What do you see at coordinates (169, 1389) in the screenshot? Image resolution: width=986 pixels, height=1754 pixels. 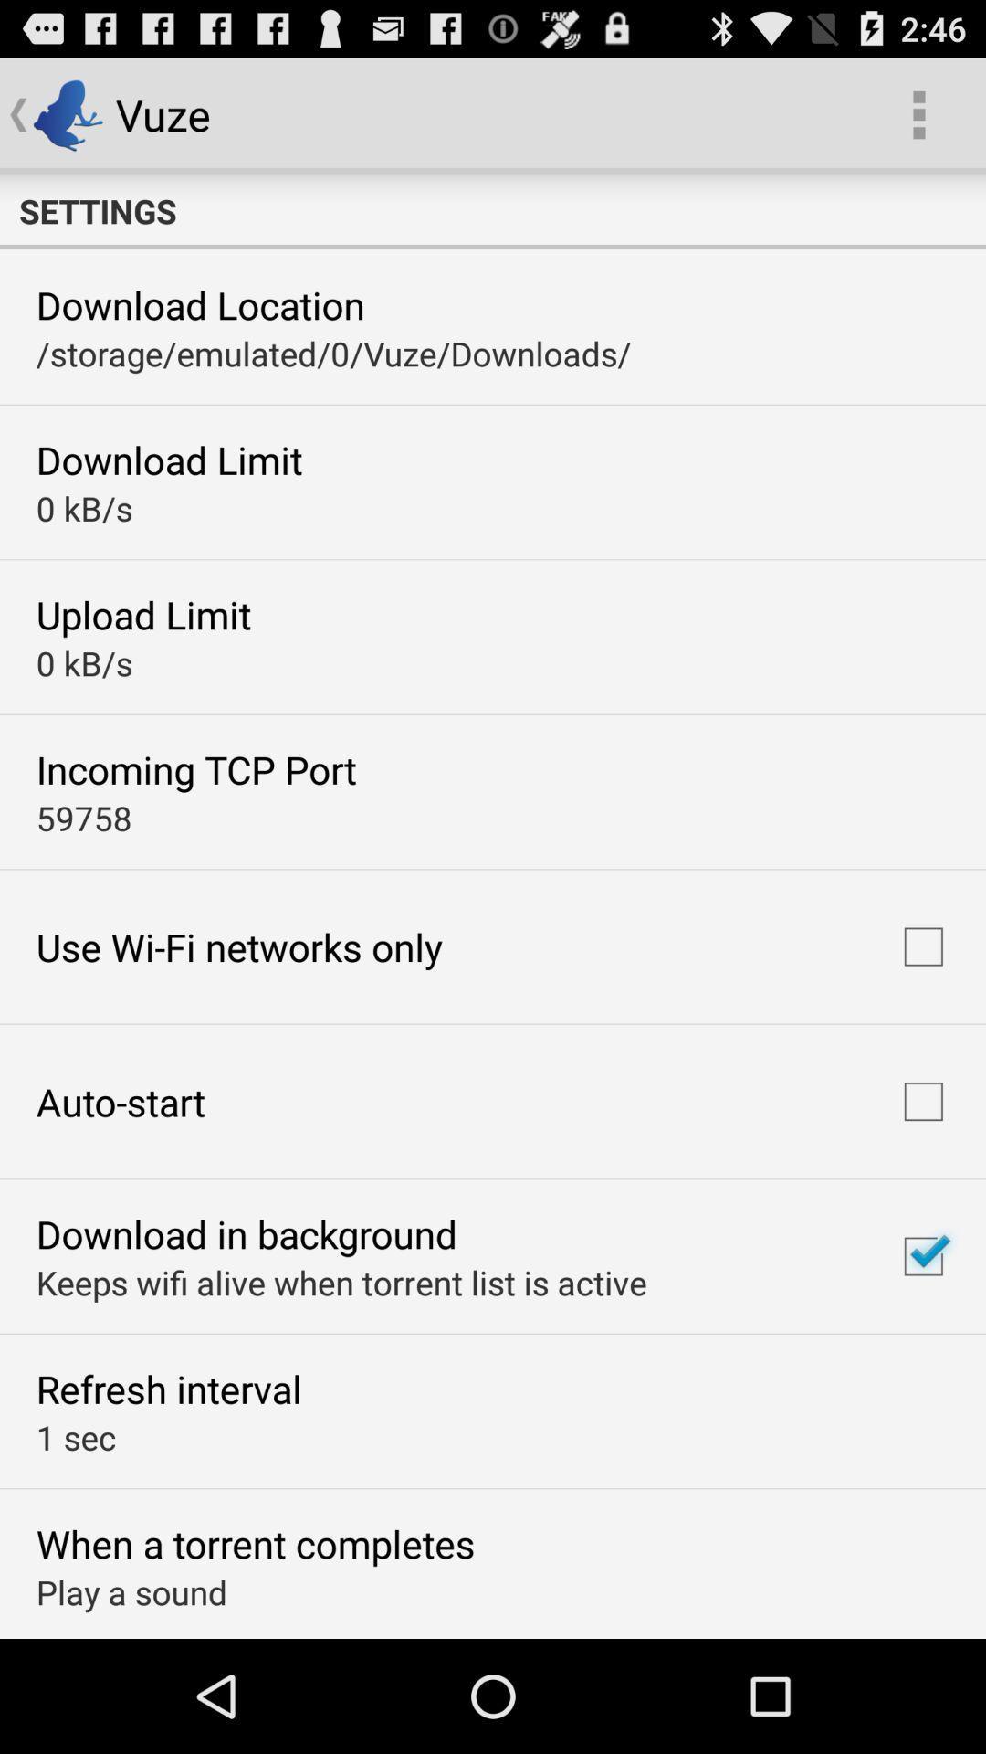 I see `icon above 1 sec item` at bounding box center [169, 1389].